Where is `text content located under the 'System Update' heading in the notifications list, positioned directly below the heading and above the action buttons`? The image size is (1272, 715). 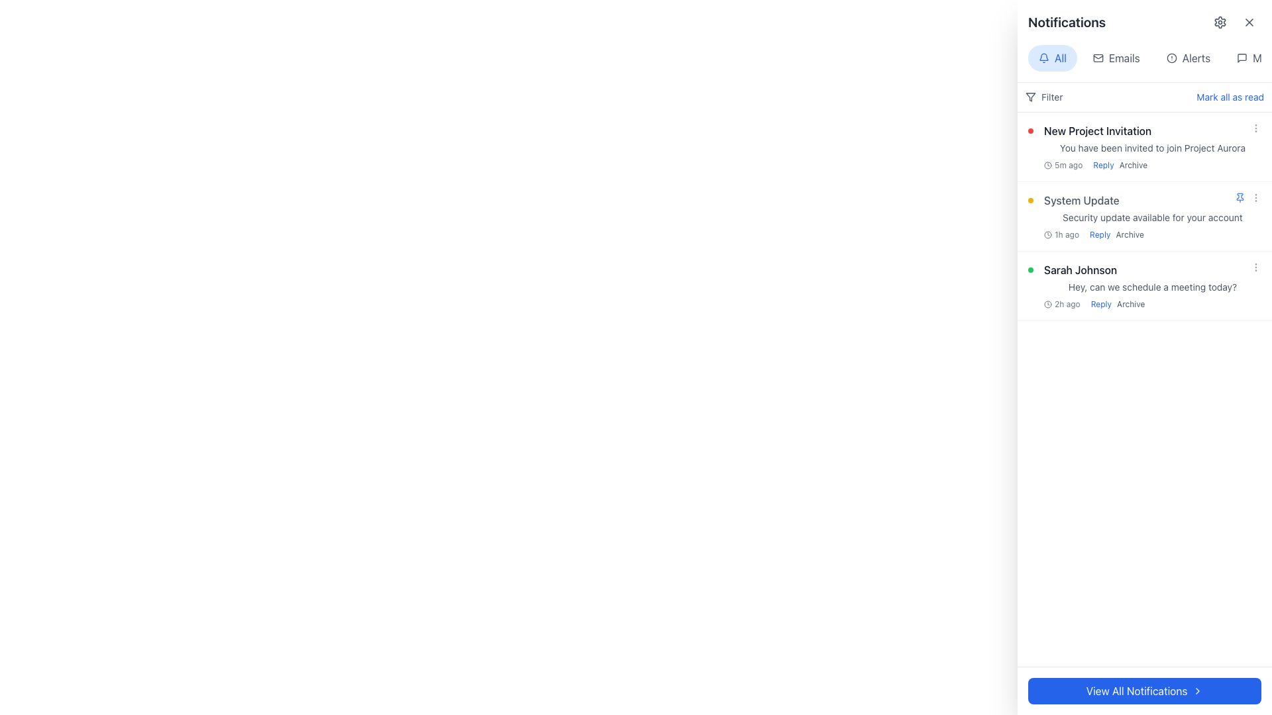 text content located under the 'System Update' heading in the notifications list, positioned directly below the heading and above the action buttons is located at coordinates (1151, 216).